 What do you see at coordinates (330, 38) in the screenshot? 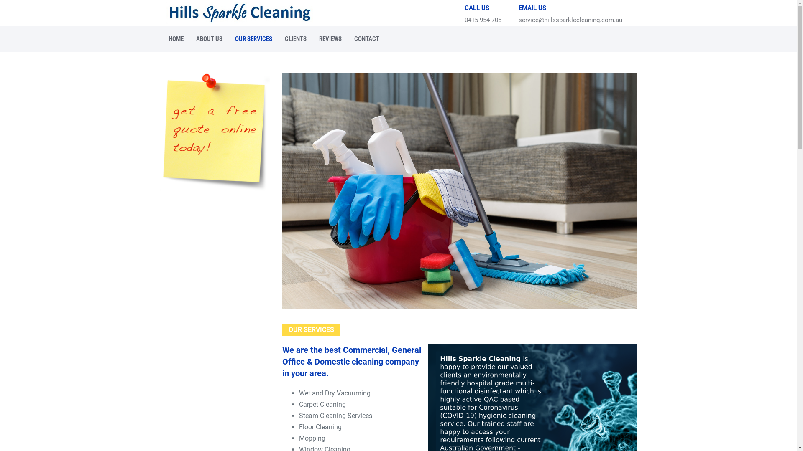
I see `'REVIEWS'` at bounding box center [330, 38].